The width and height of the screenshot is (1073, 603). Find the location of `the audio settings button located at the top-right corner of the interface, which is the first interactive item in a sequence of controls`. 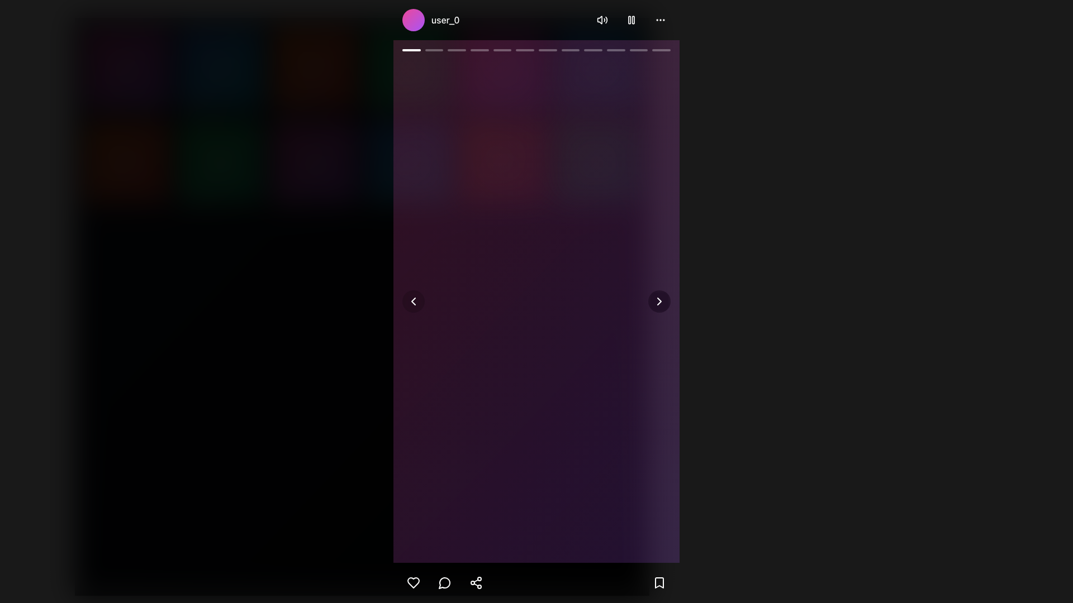

the audio settings button located at the top-right corner of the interface, which is the first interactive item in a sequence of controls is located at coordinates (602, 20).